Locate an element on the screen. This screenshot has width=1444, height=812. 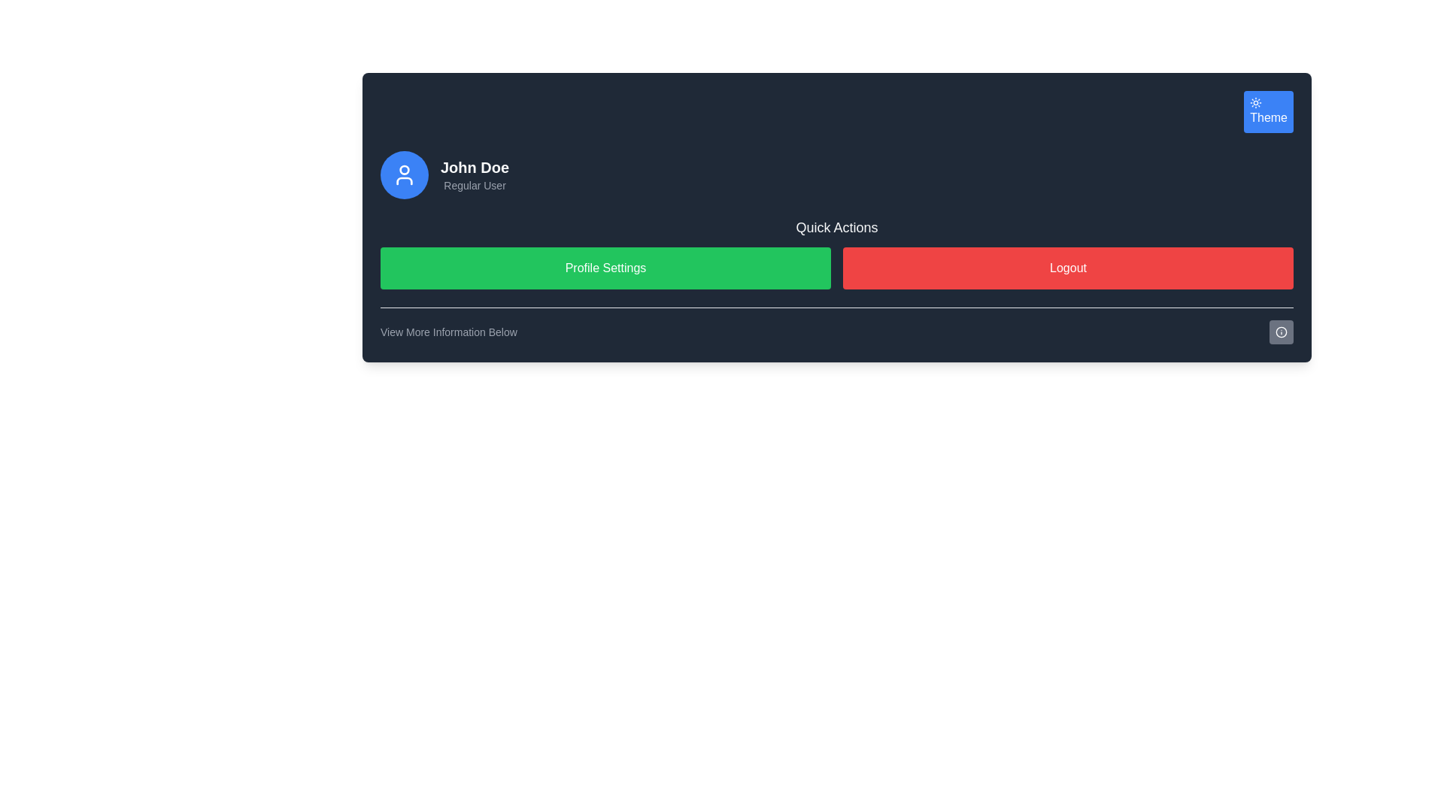
the circular information icon with an embedded 'i' symbol, located at the bottom-right corner of the card layout is located at coordinates (1281, 332).